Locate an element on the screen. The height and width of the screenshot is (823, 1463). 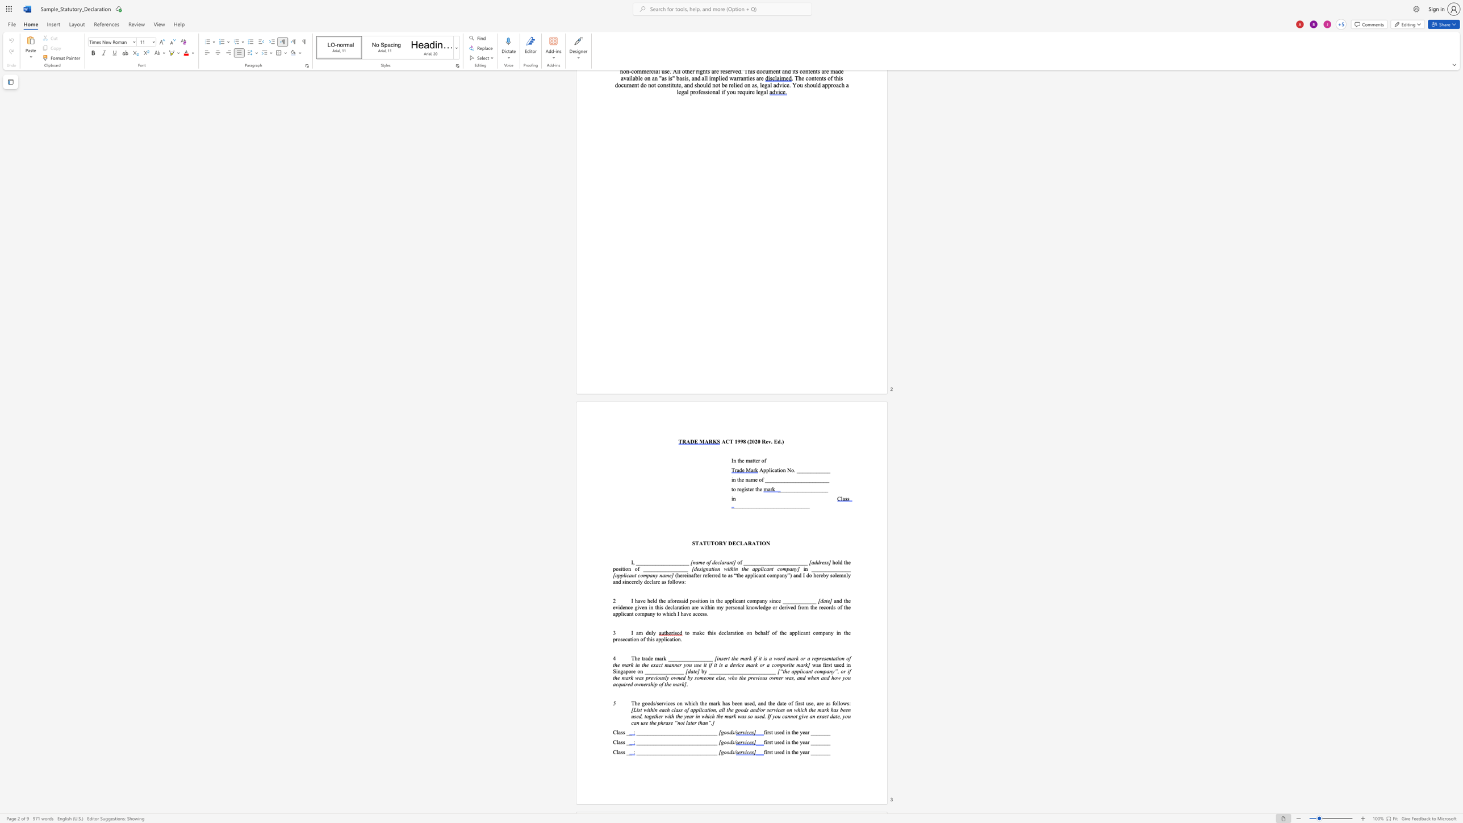
the 4th character "_" in the text is located at coordinates (678, 658).